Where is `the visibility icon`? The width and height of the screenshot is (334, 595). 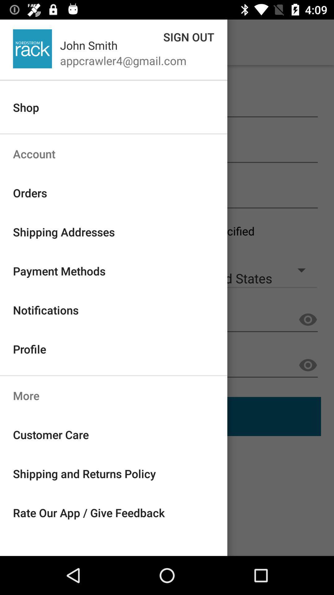 the visibility icon is located at coordinates (308, 320).